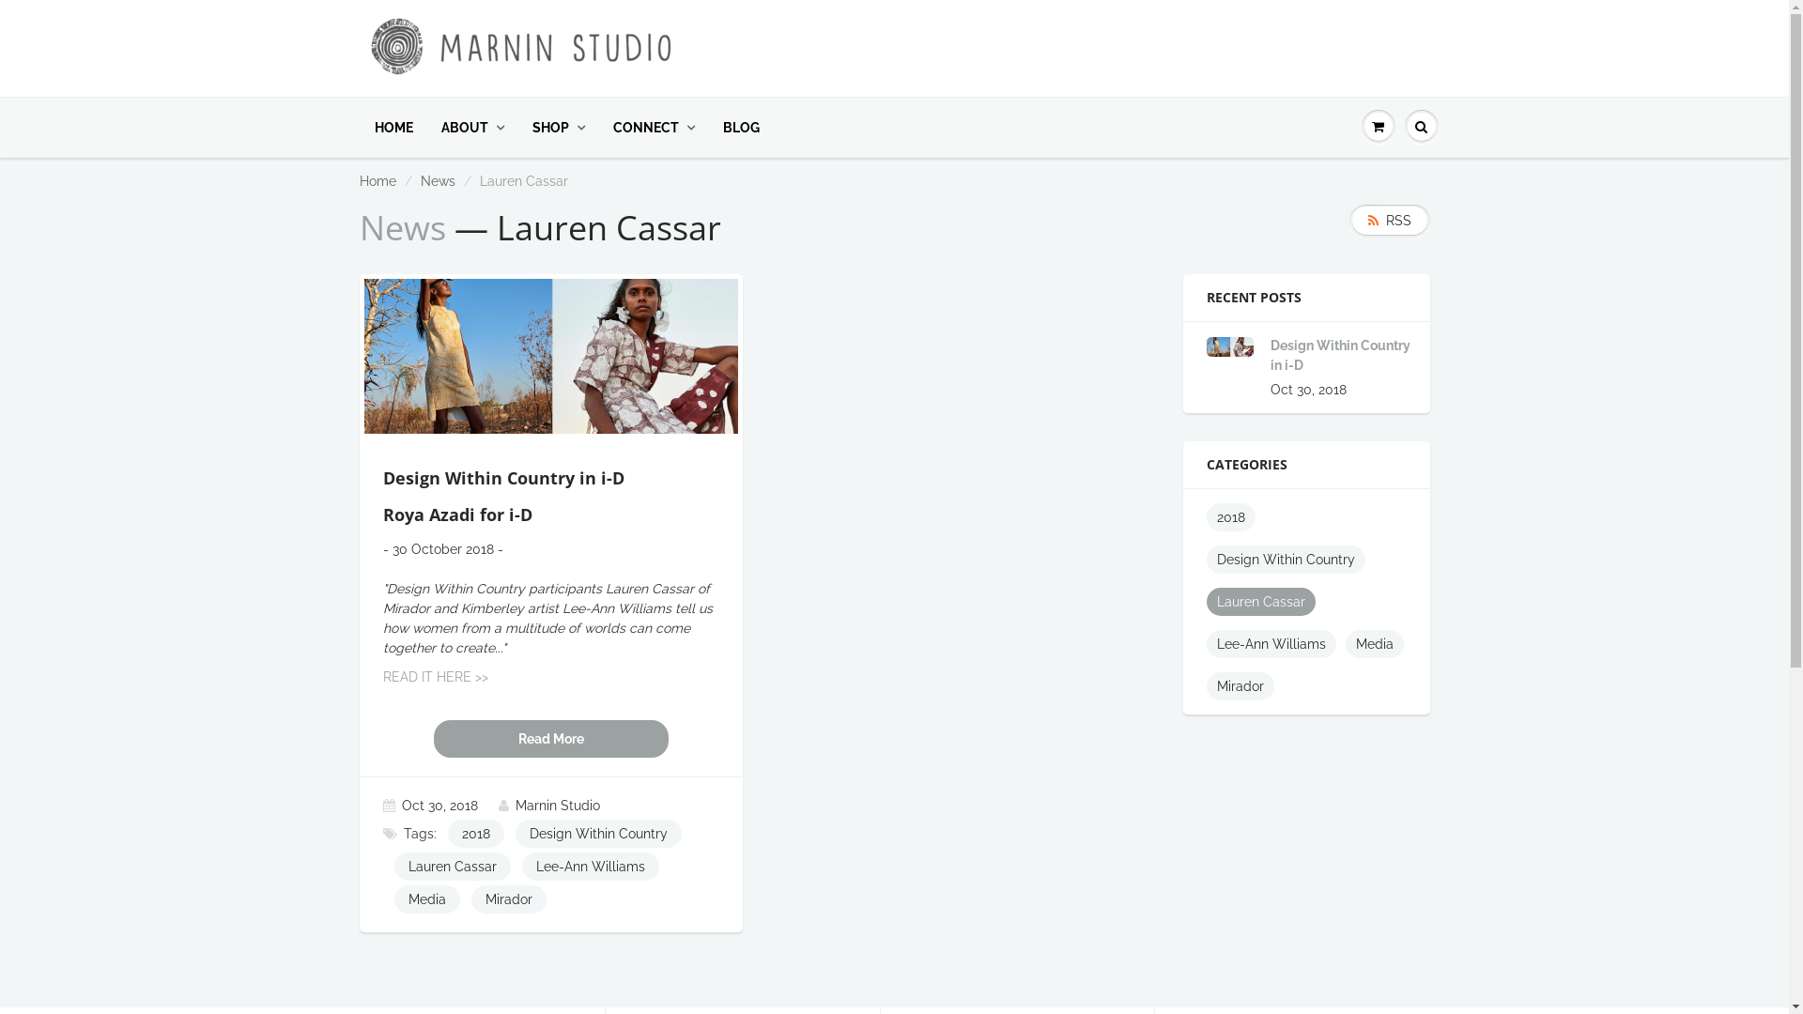 This screenshot has height=1014, width=1803. I want to click on 'HOME', so click(393, 127).